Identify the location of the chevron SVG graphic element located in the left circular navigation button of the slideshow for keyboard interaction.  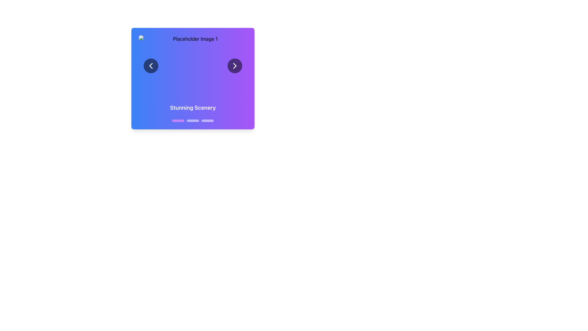
(151, 66).